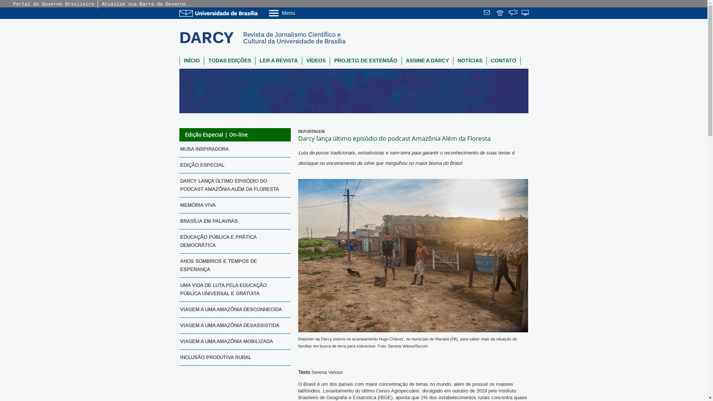 The height and width of the screenshot is (401, 713). Describe the element at coordinates (501, 13) in the screenshot. I see `'Telefones da UnB'` at that location.